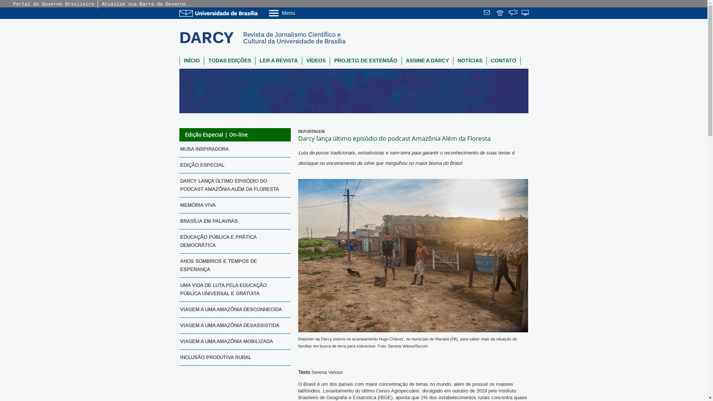 The height and width of the screenshot is (401, 713). Describe the element at coordinates (501, 13) in the screenshot. I see `'Telefones da UnB'` at that location.